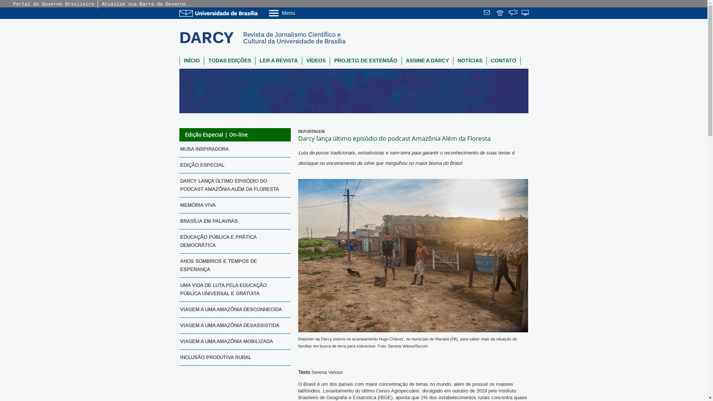 The height and width of the screenshot is (401, 713). Describe the element at coordinates (501, 13) in the screenshot. I see `'Telefones da UnB'` at that location.